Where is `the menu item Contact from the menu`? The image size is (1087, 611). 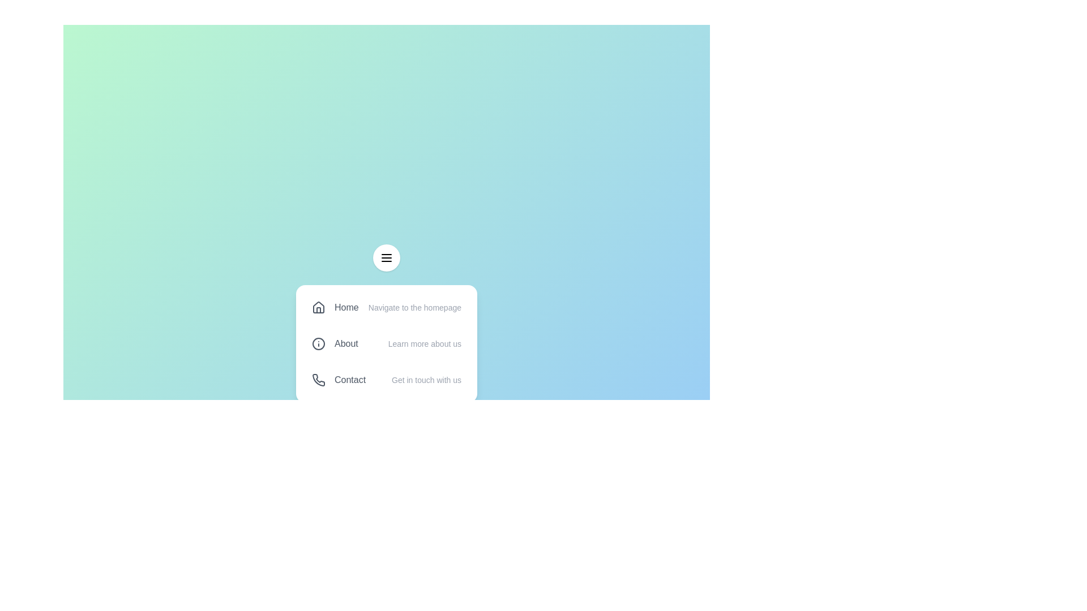
the menu item Contact from the menu is located at coordinates (386, 380).